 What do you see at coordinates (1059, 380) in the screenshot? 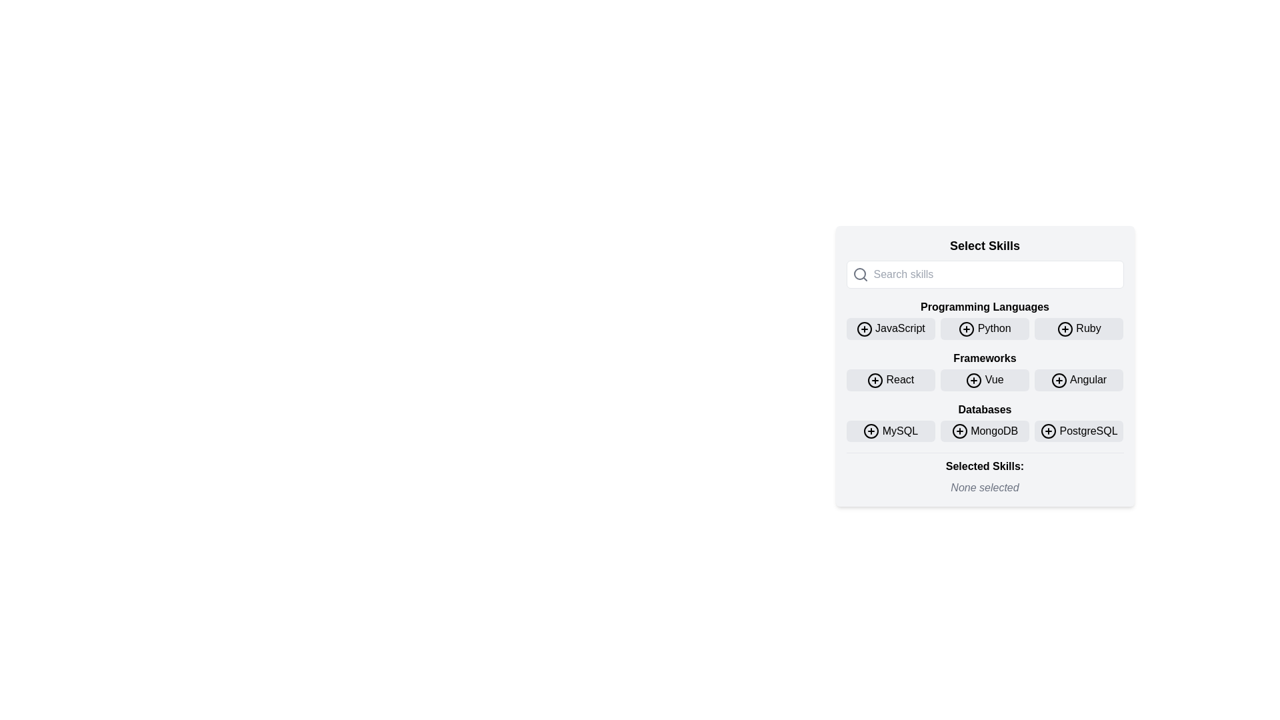
I see `the decorative circular shape within the Angular icon located in the Frameworks section of the Select Skills interface` at bounding box center [1059, 380].